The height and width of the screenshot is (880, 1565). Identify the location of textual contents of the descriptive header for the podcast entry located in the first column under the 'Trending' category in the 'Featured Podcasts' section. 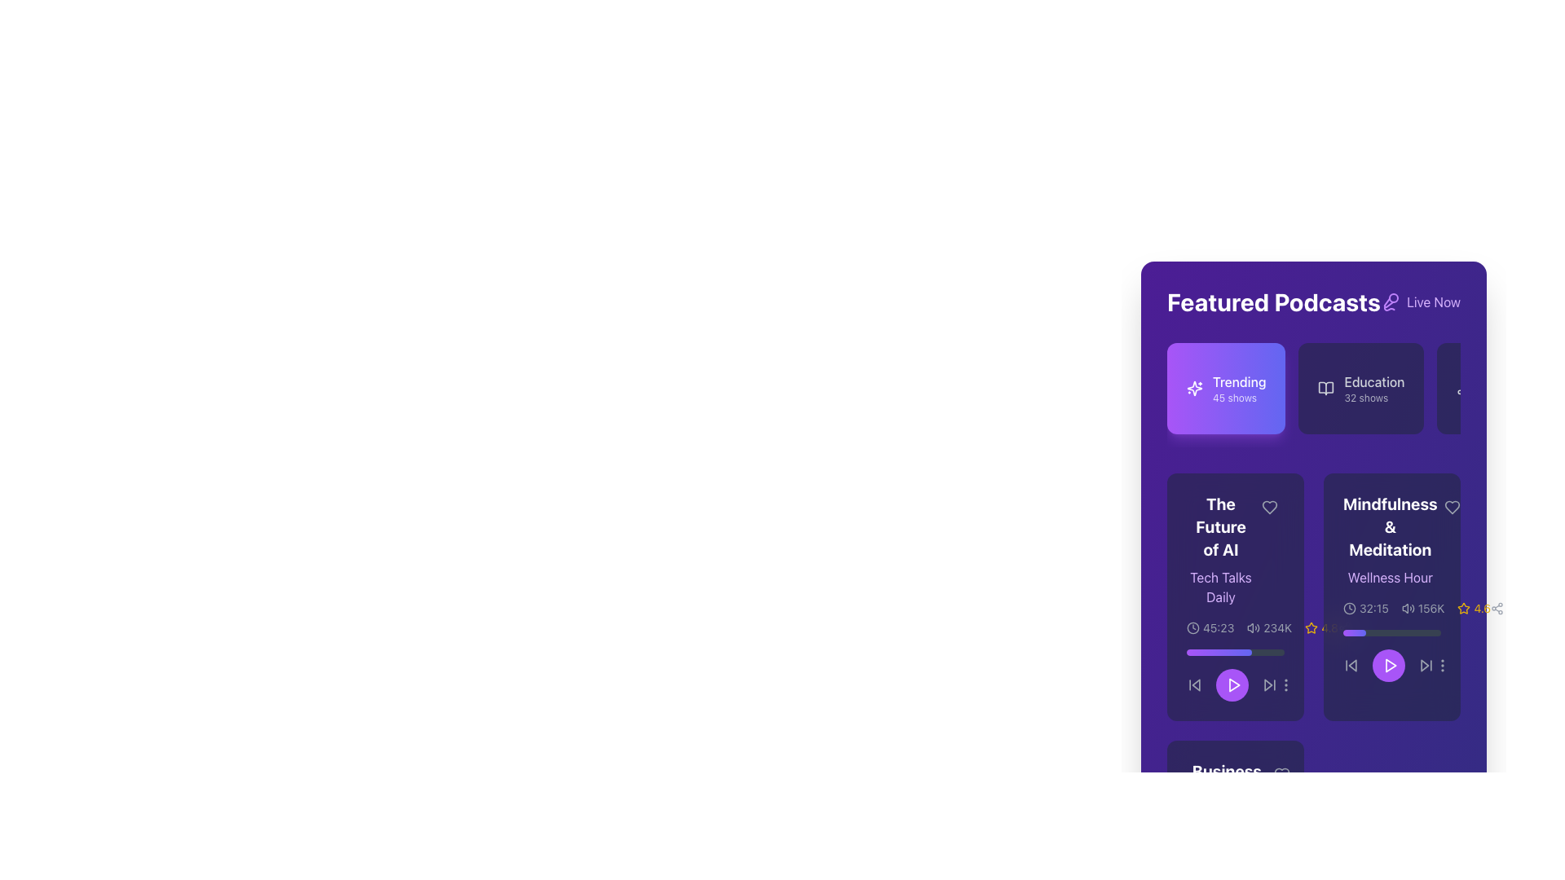
(1236, 550).